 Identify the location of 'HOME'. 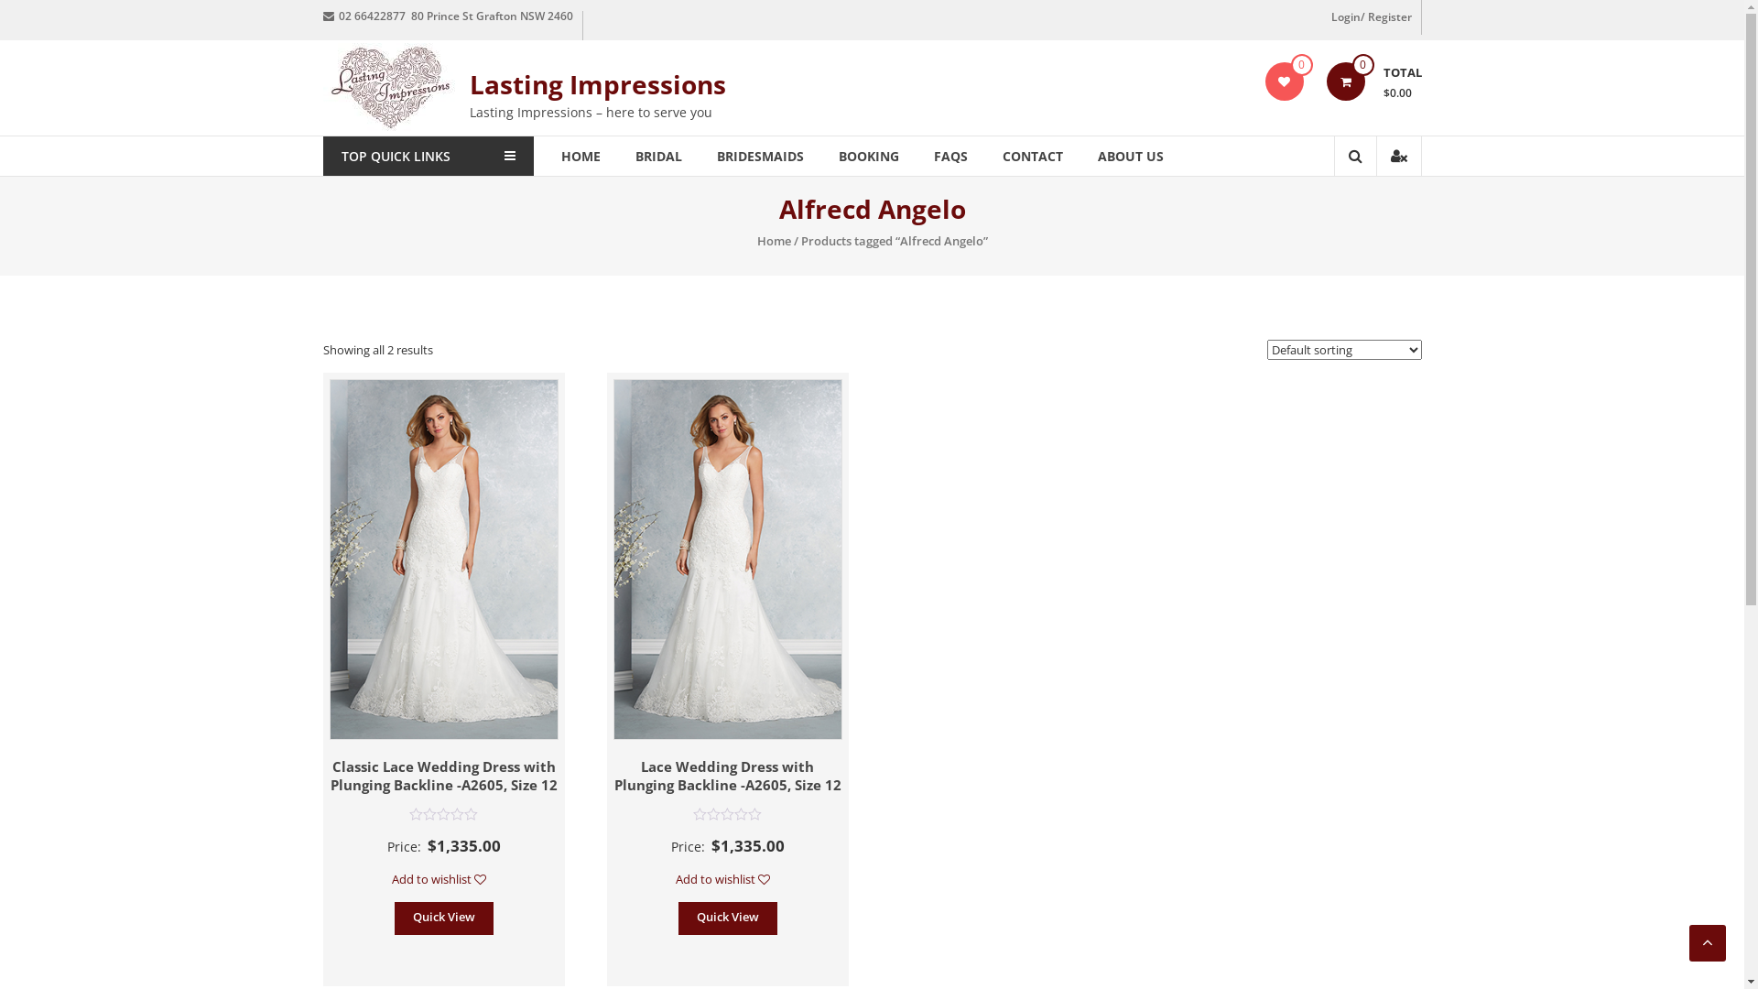
(579, 155).